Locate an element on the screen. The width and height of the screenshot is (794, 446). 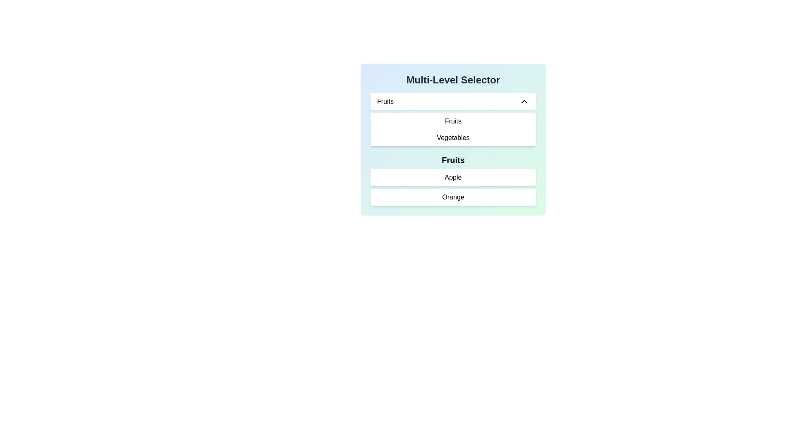
the 'Vegetables' selectable list item located under the 'Fruits' label is located at coordinates (452, 138).